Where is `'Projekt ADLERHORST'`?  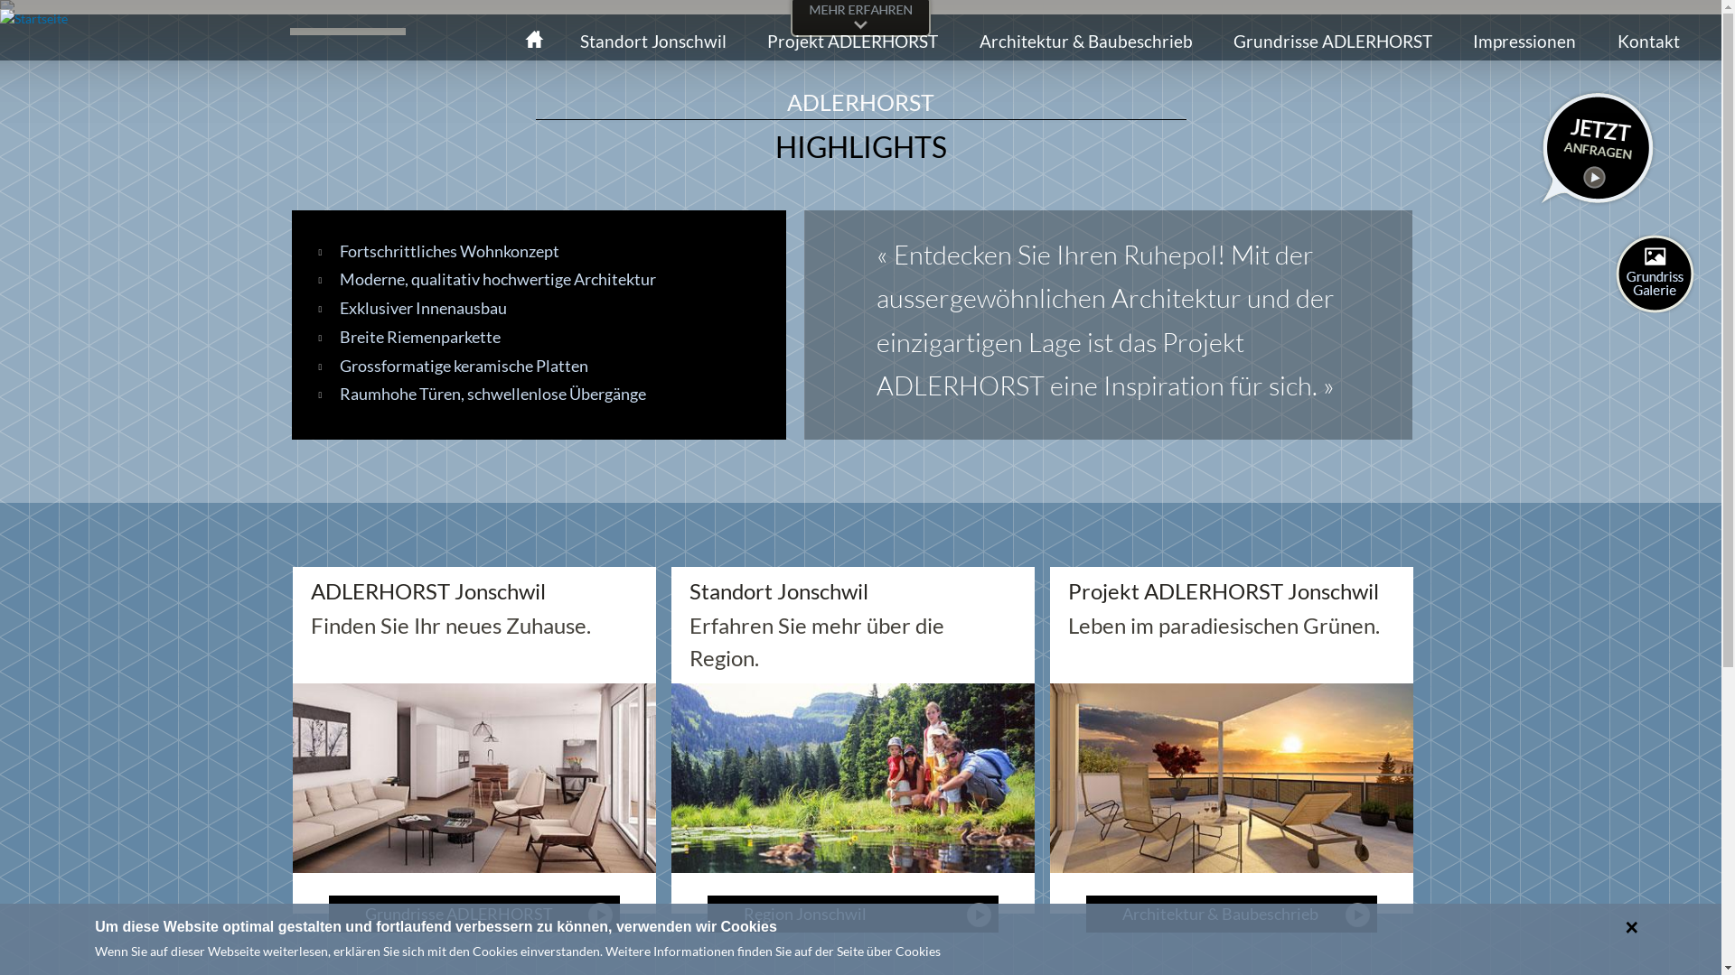
'Projekt ADLERHORST' is located at coordinates (851, 41).